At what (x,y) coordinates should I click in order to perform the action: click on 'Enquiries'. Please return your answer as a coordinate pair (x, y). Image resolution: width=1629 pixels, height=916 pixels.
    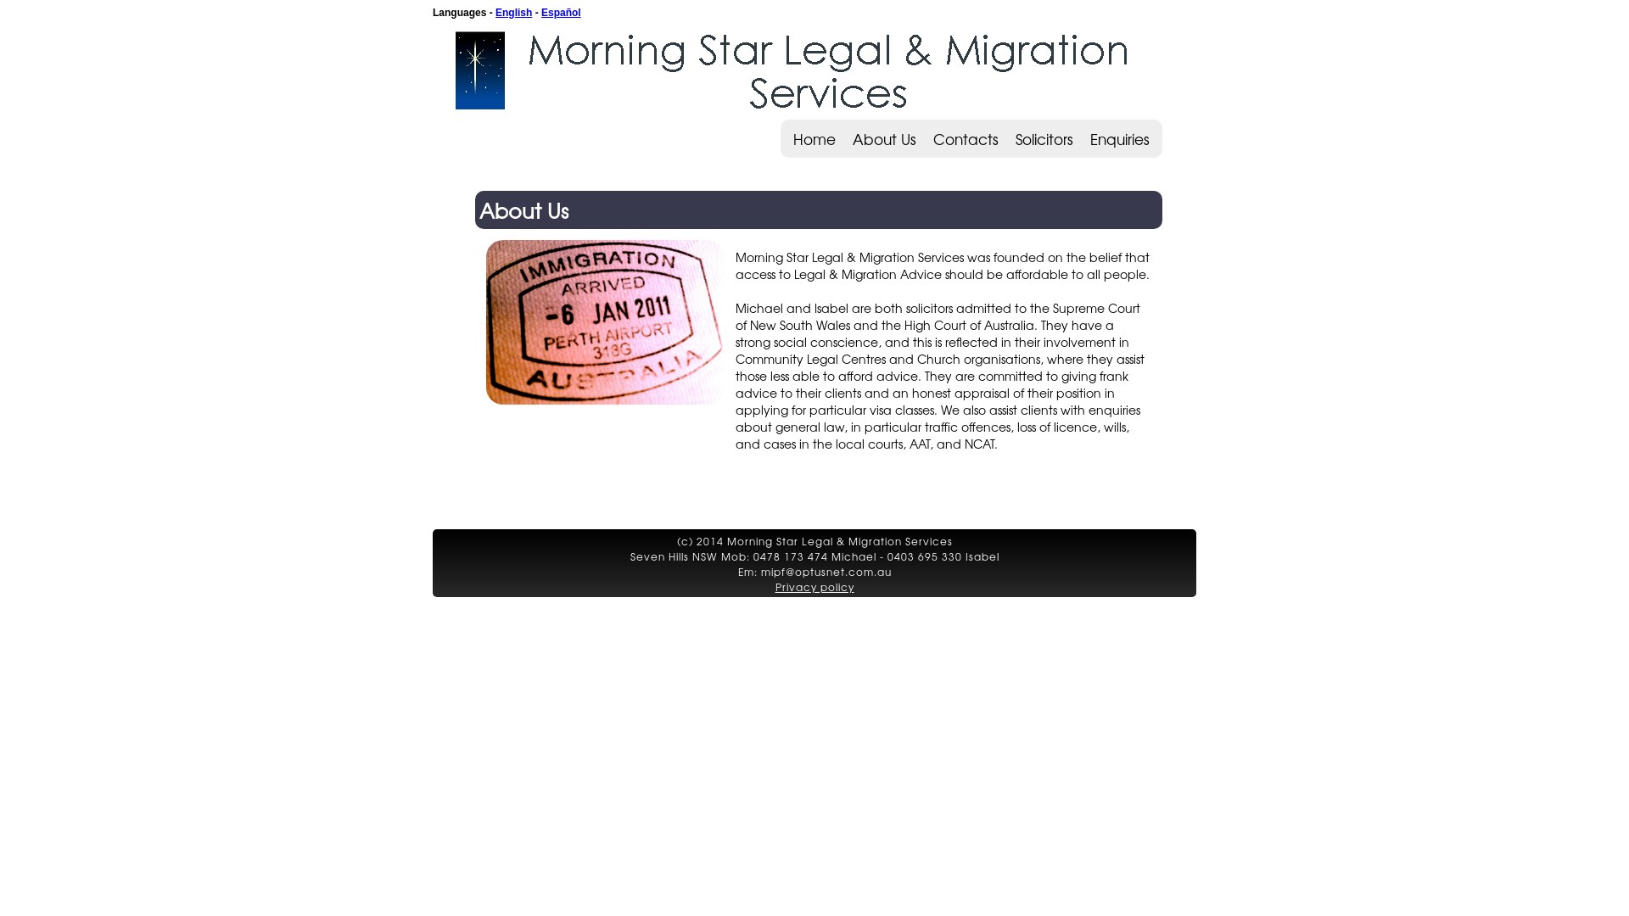
    Looking at the image, I should click on (1081, 137).